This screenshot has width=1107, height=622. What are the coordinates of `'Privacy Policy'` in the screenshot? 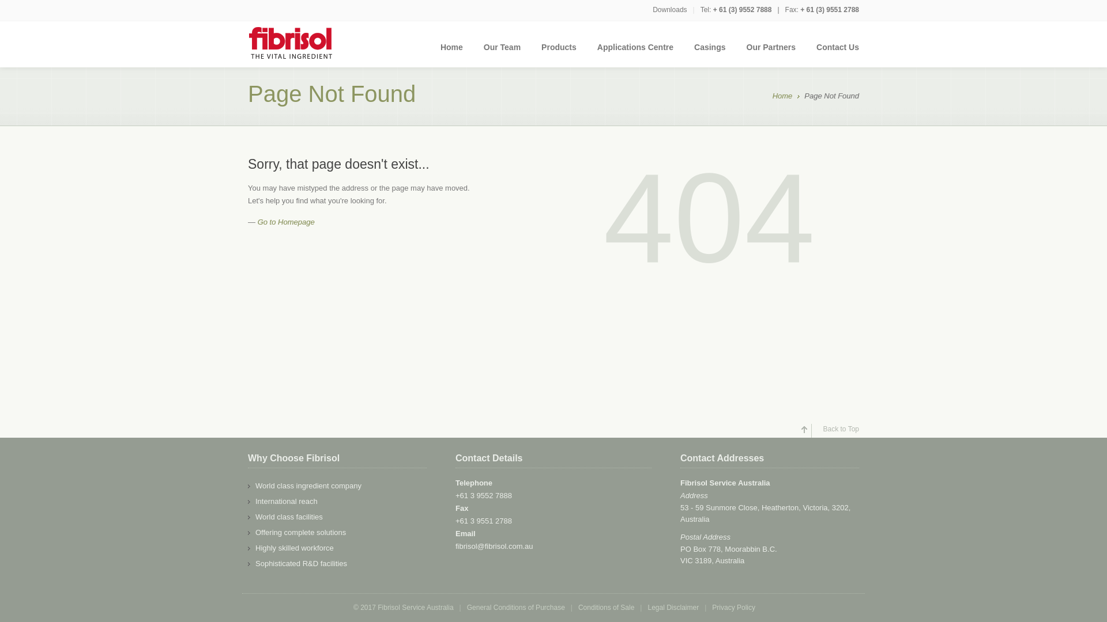 It's located at (733, 607).